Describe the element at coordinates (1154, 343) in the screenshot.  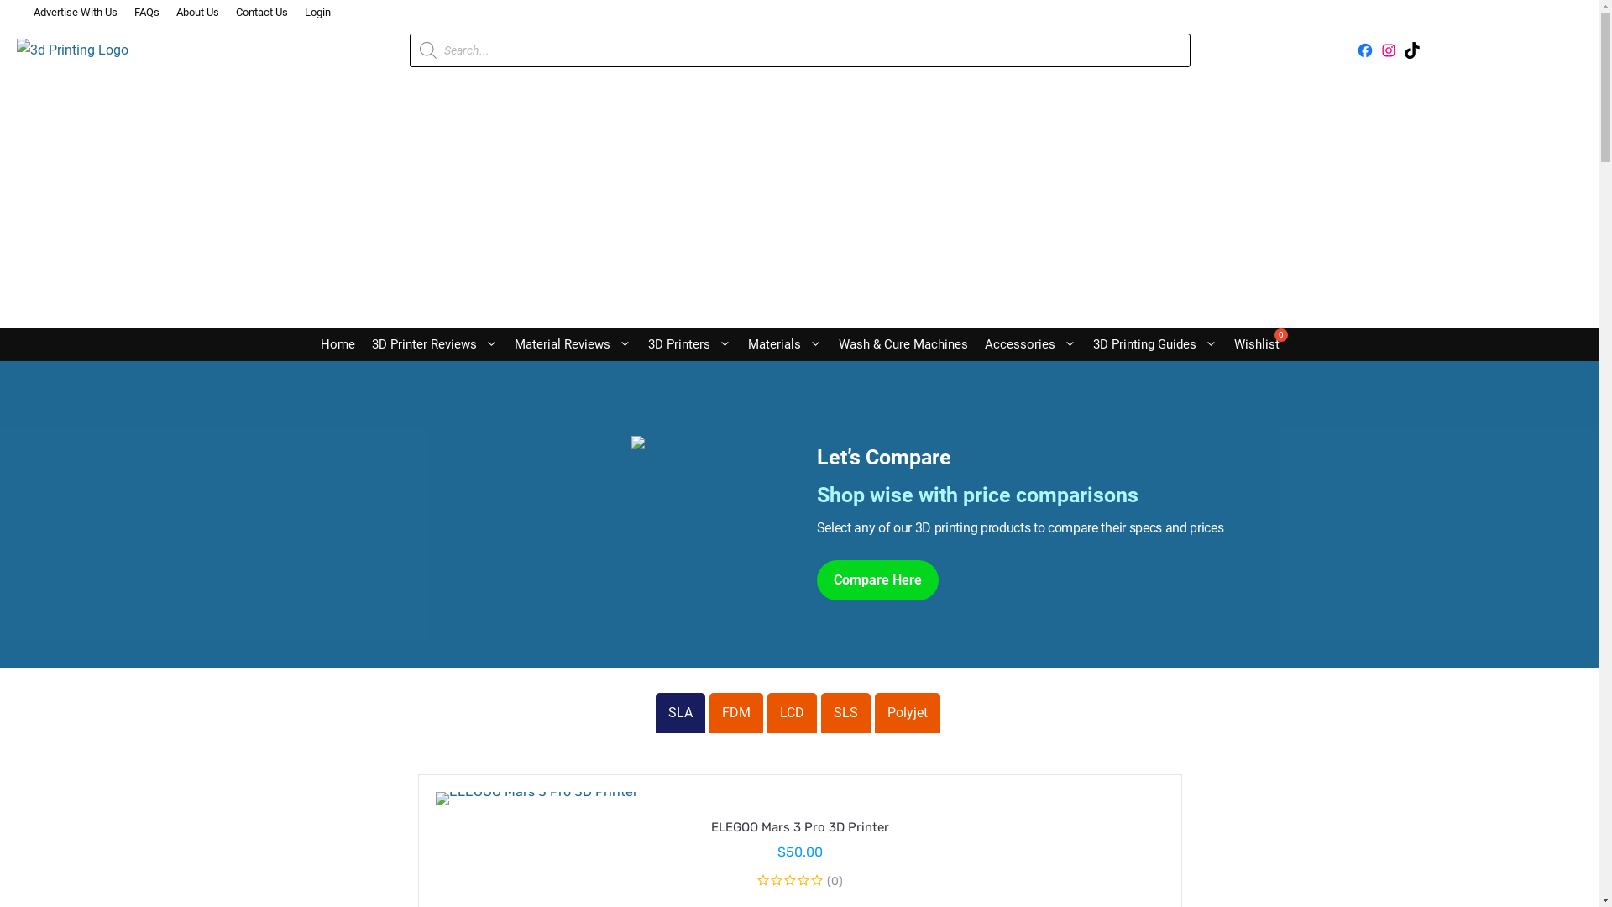
I see `'3D Printing Guides'` at that location.